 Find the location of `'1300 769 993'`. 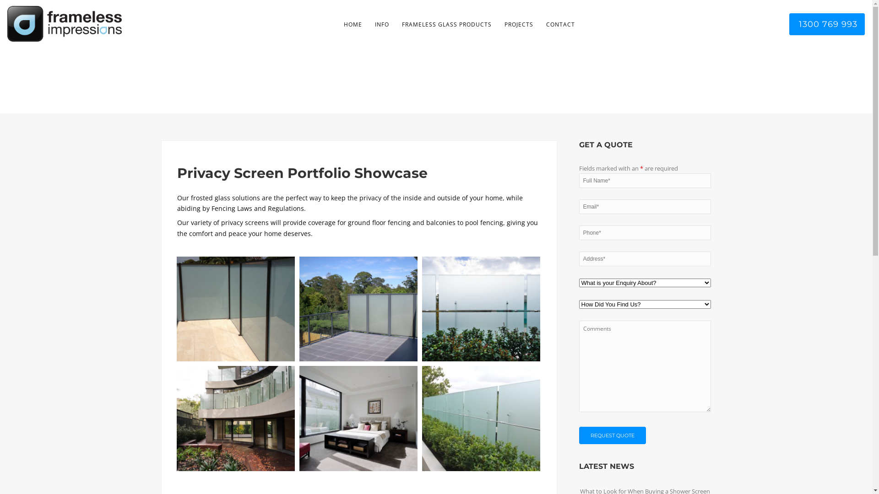

'1300 769 993' is located at coordinates (788, 24).